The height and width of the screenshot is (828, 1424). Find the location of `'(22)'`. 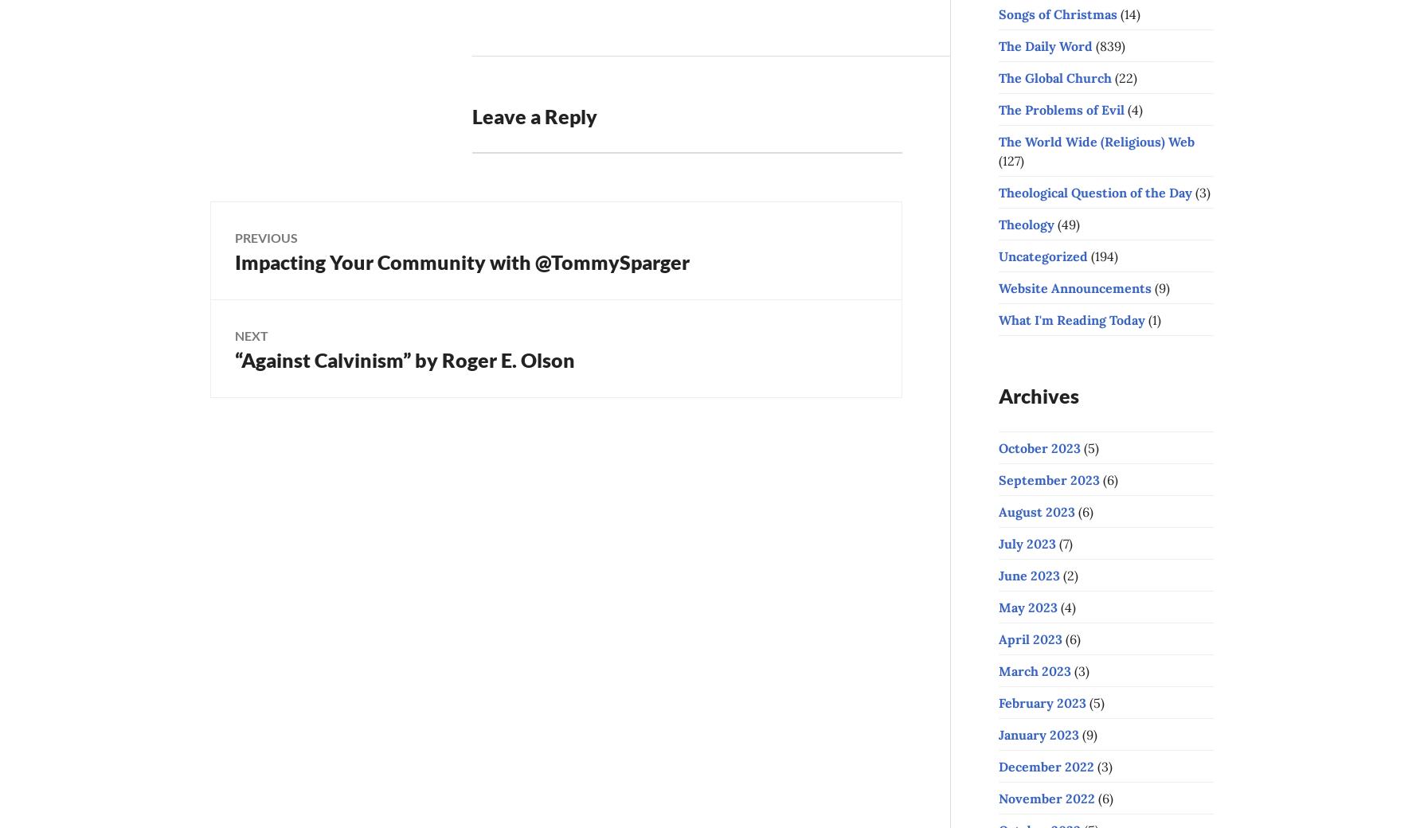

'(22)' is located at coordinates (1112, 76).